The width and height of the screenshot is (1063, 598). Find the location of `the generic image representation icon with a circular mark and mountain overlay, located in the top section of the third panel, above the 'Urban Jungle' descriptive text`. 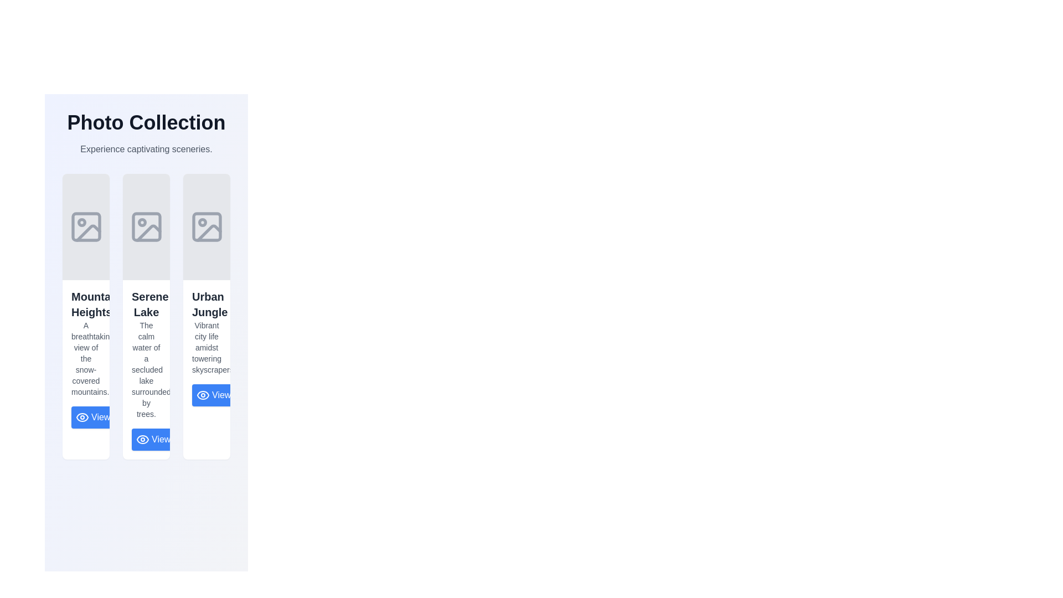

the generic image representation icon with a circular mark and mountain overlay, located in the top section of the third panel, above the 'Urban Jungle' descriptive text is located at coordinates (207, 226).